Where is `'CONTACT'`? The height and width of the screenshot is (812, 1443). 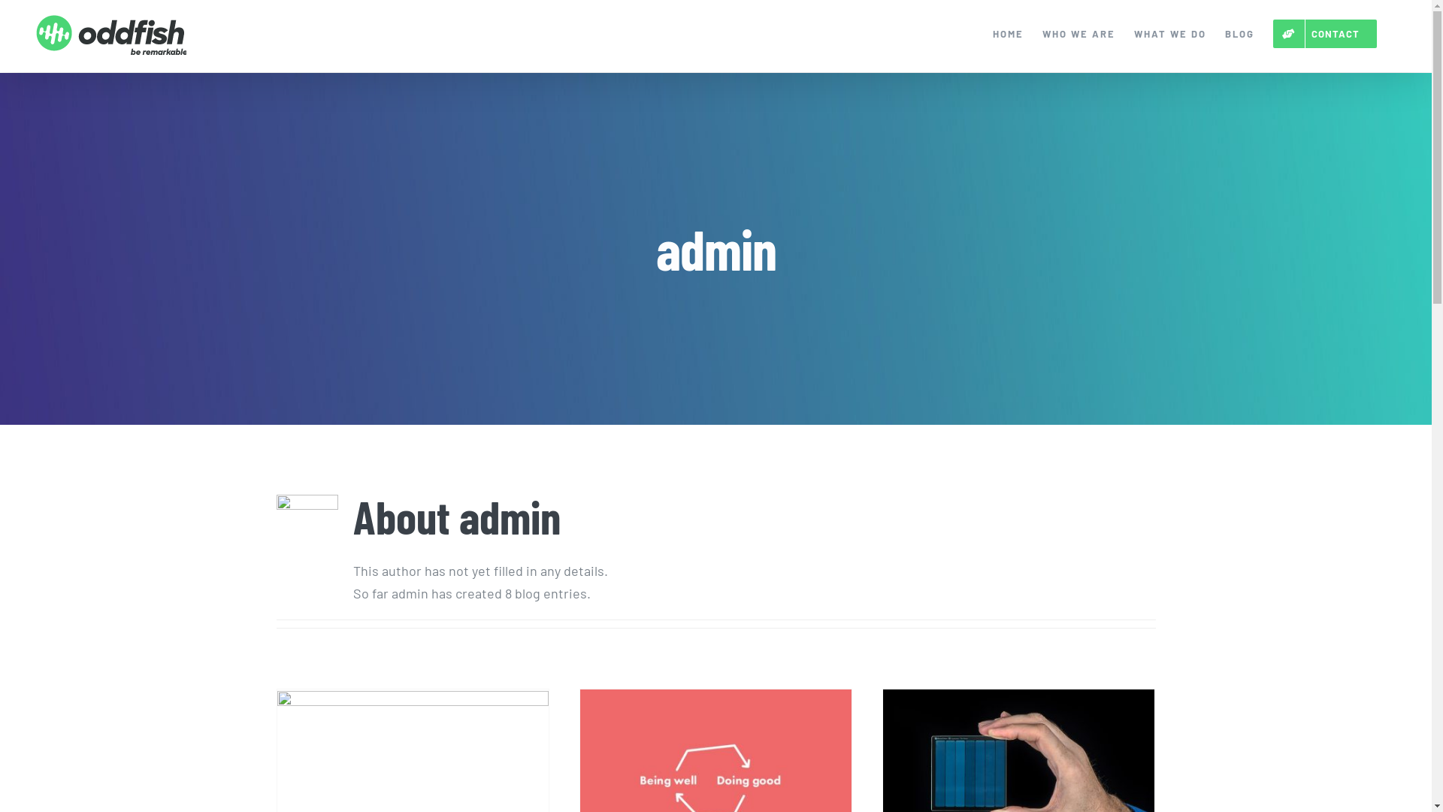 'CONTACT' is located at coordinates (1324, 34).